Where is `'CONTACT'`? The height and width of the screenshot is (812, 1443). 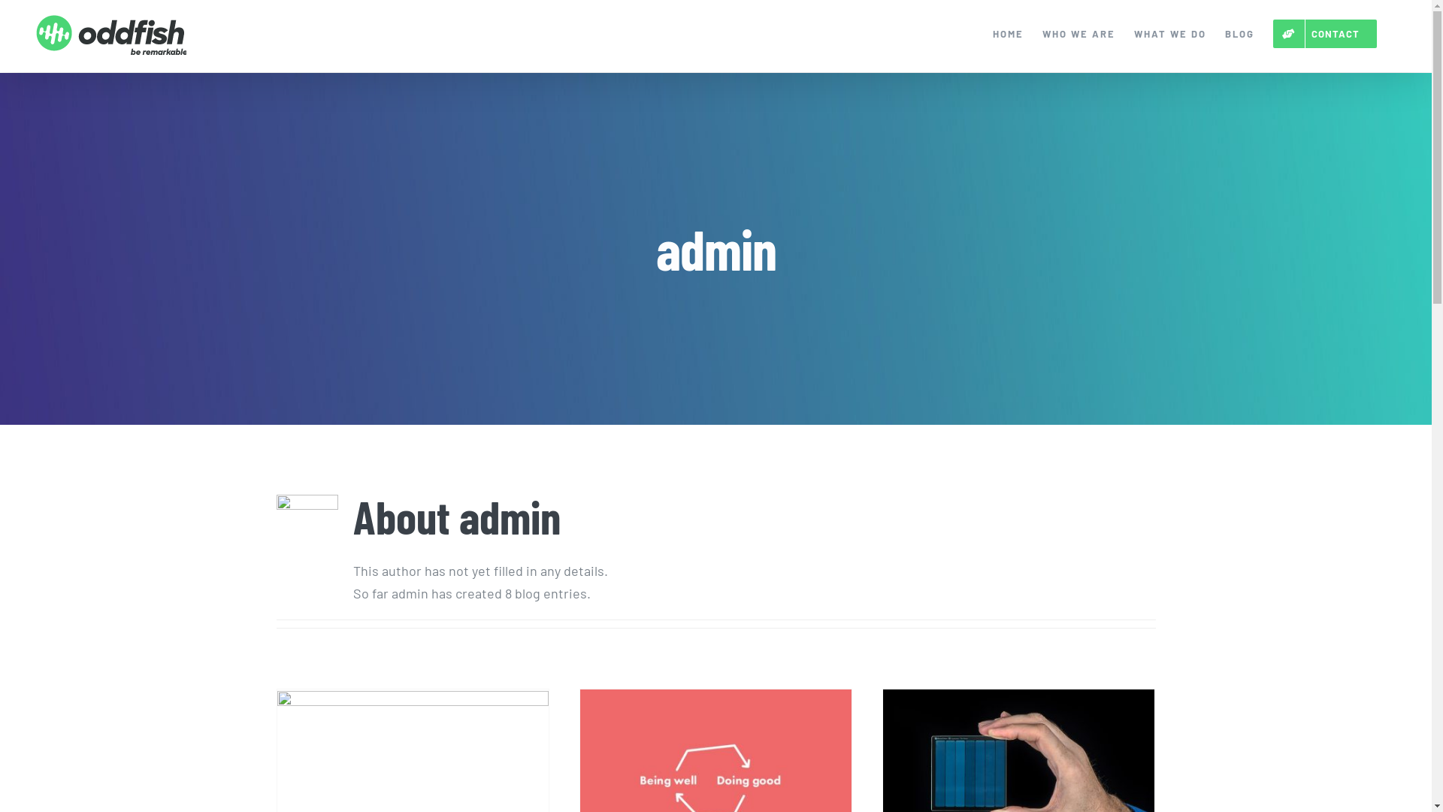 'CONTACT' is located at coordinates (1324, 34).